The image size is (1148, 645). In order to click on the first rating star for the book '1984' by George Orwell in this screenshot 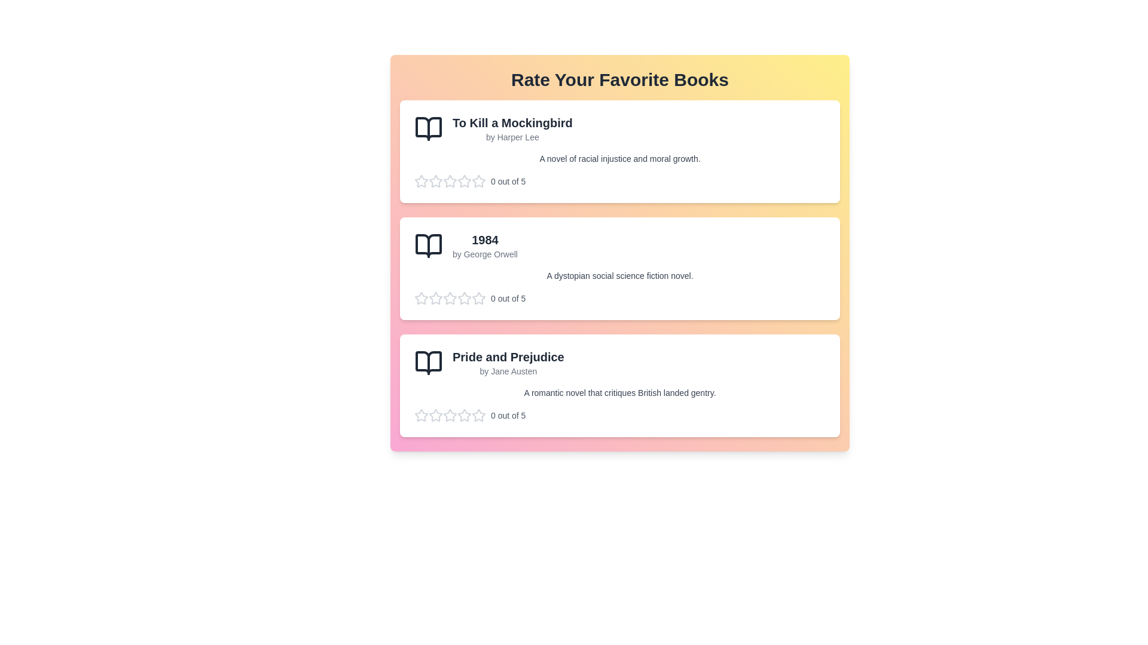, I will do `click(450, 297)`.